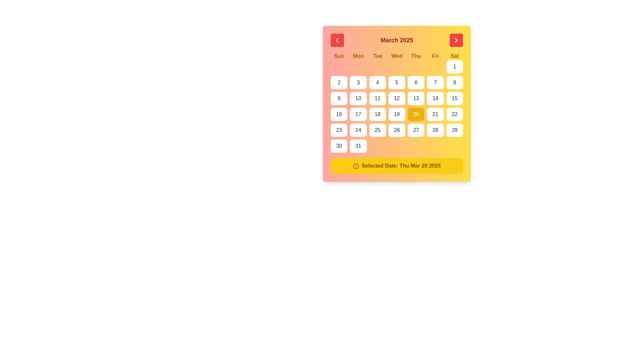  I want to click on the button that signifies the 29th day in the calendar, so click(454, 130).